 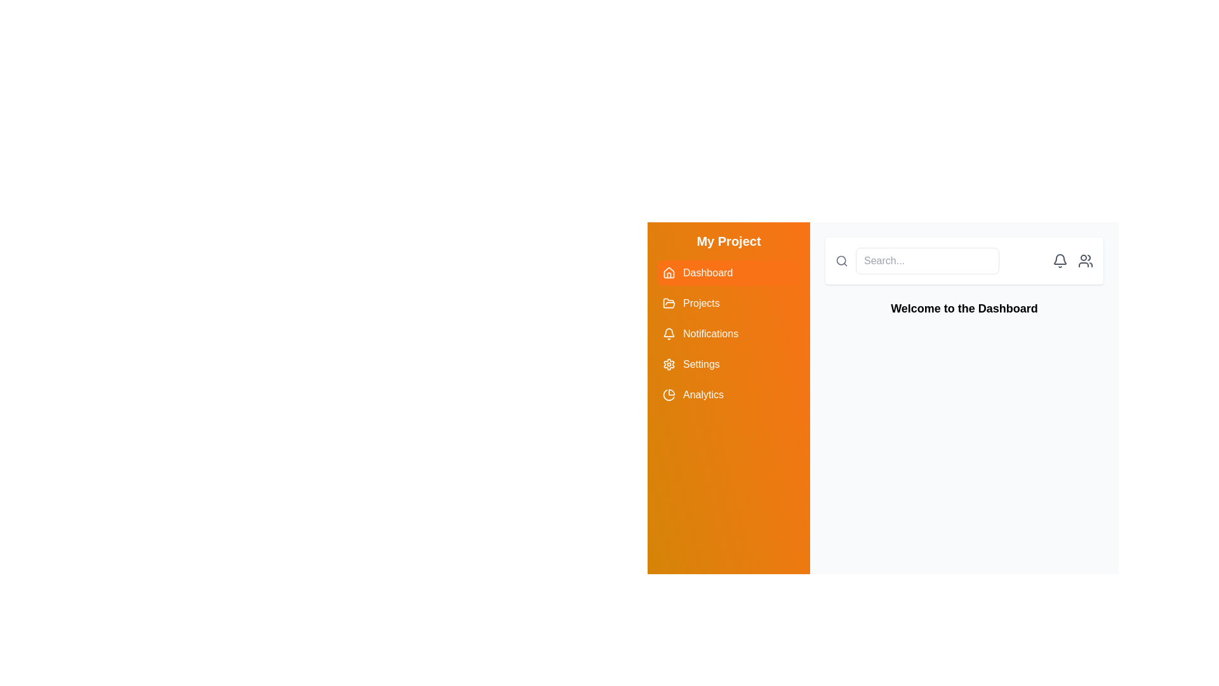 I want to click on the 'Analytics' icon in the sidebar, so click(x=669, y=394).